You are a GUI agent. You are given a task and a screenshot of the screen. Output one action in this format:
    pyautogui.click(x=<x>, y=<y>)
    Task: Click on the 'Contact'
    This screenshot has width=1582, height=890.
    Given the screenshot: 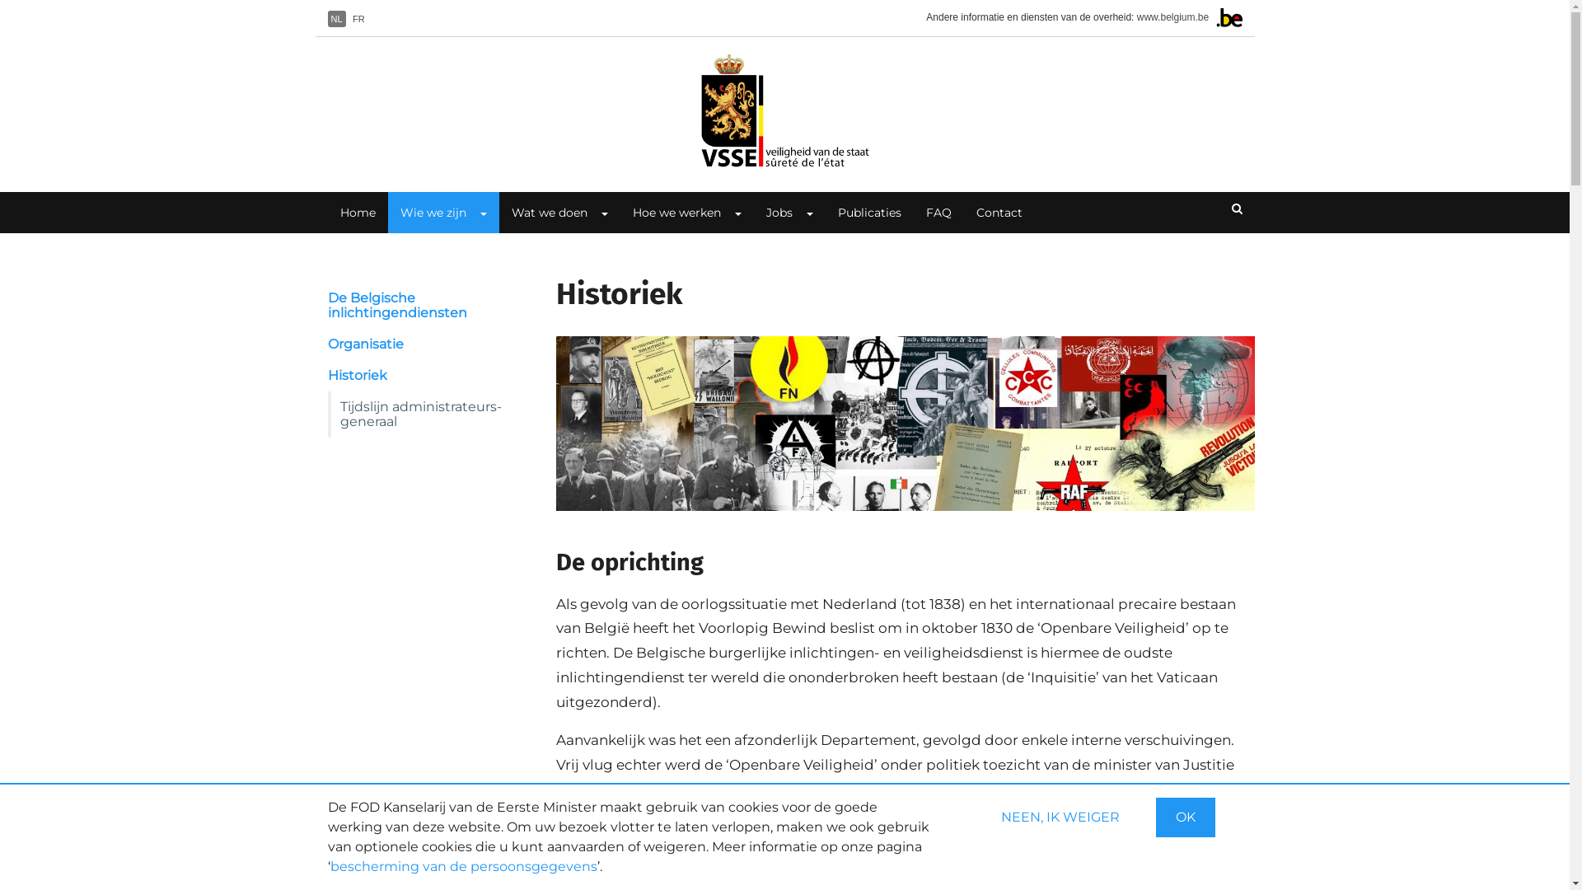 What is the action you would take?
    pyautogui.click(x=999, y=212)
    